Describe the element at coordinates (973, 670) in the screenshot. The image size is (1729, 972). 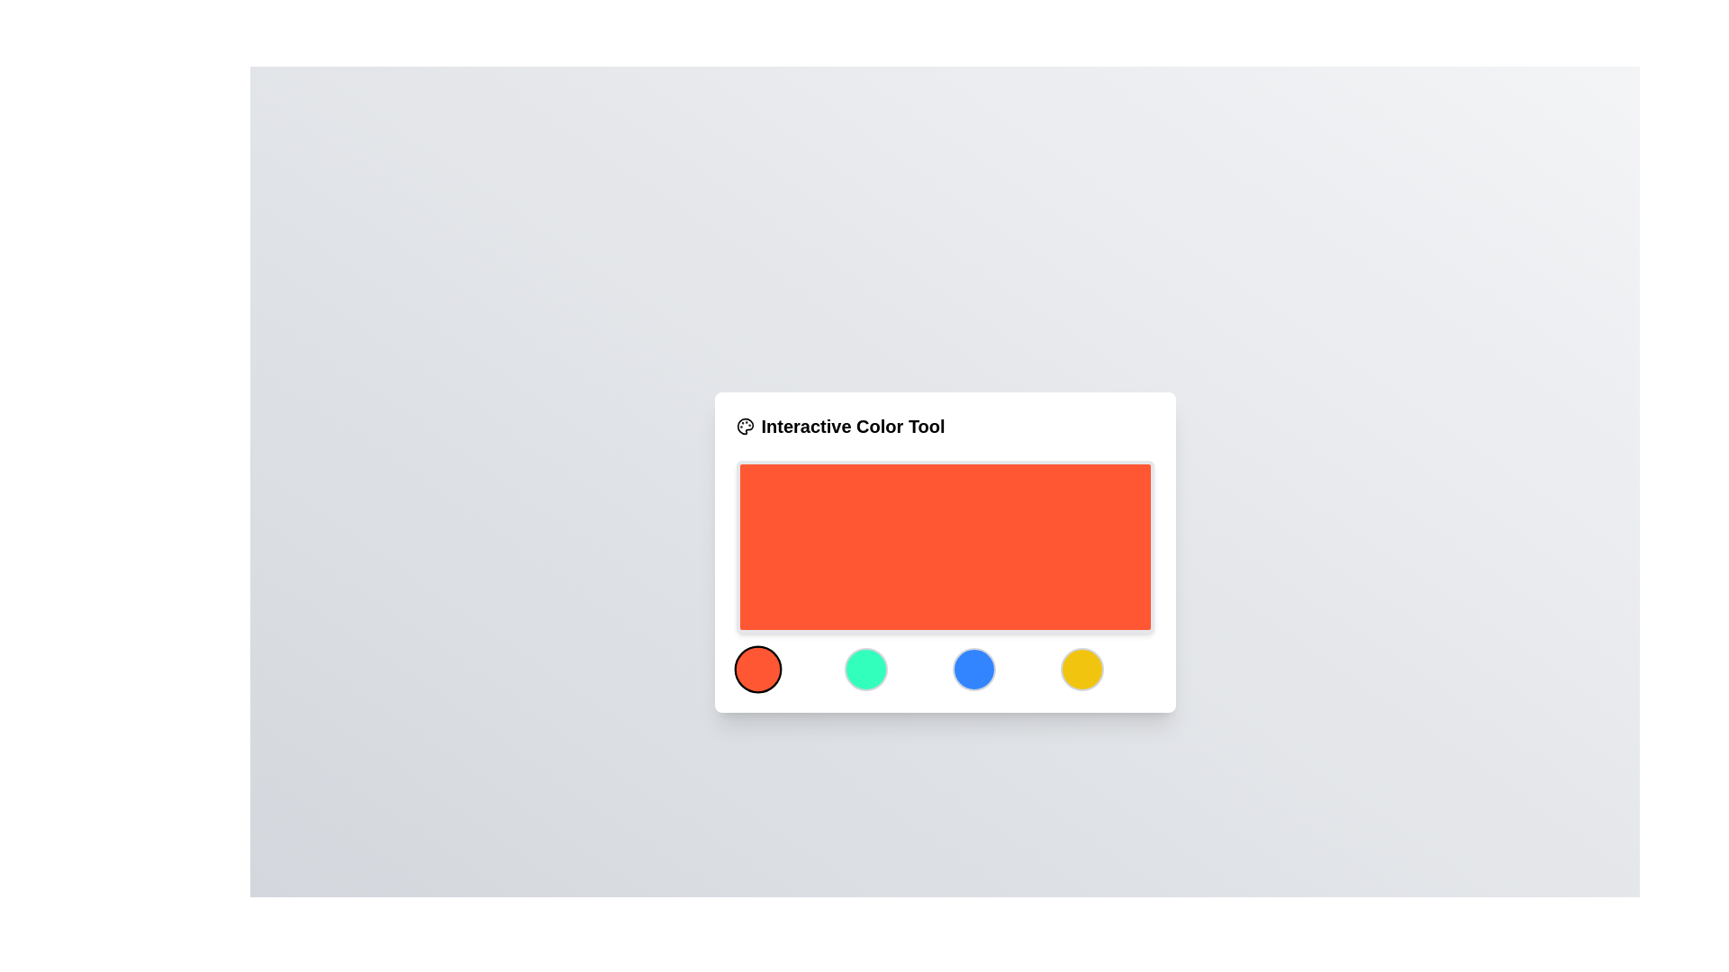
I see `the third circle button in a horizontally aligned row of four circles at the bottom of a card layout` at that location.